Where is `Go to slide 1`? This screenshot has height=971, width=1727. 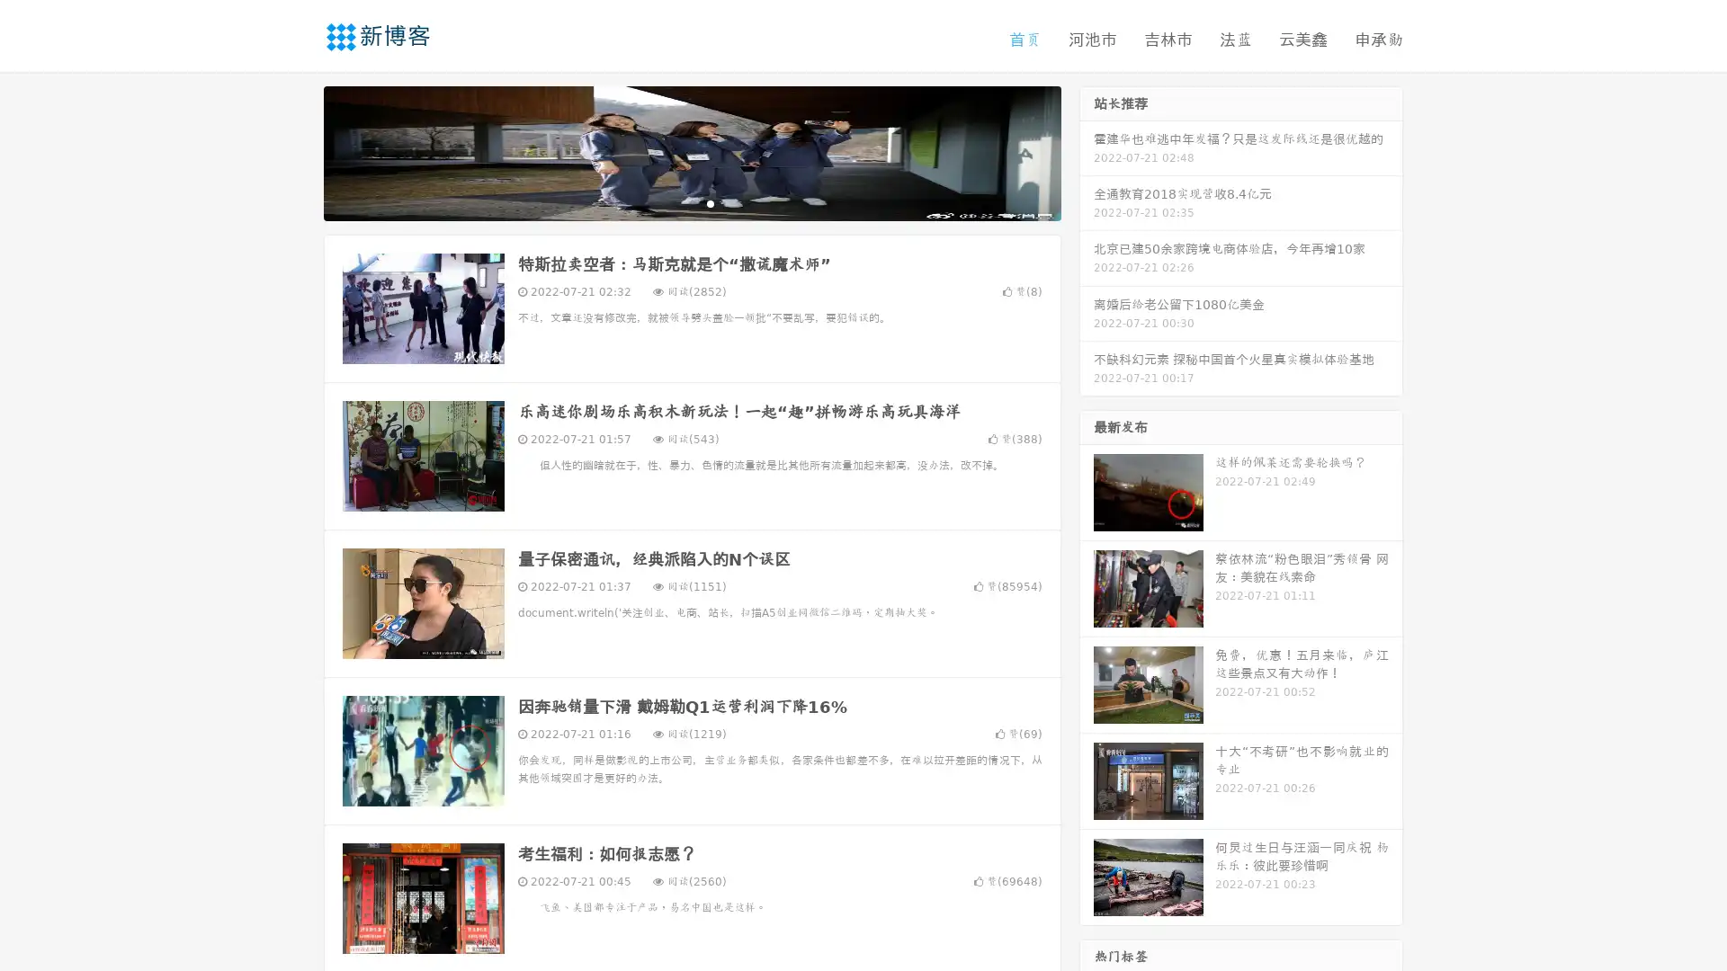
Go to slide 1 is located at coordinates (673, 202).